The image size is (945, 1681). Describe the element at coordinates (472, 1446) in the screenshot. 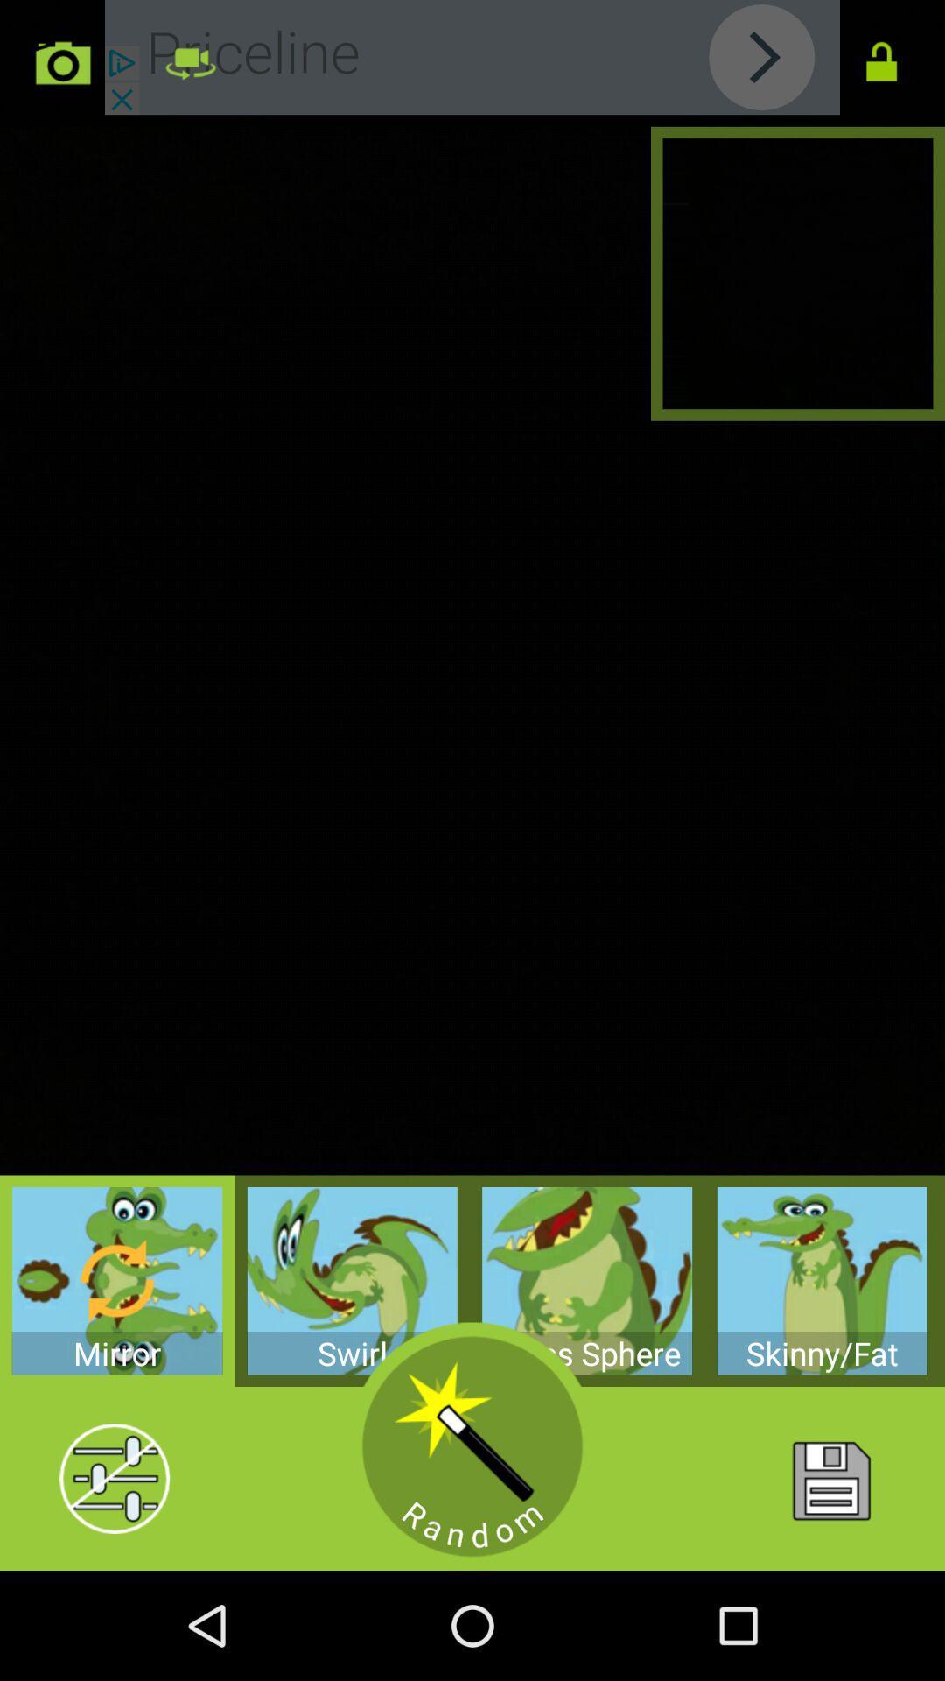

I see `random effect` at that location.